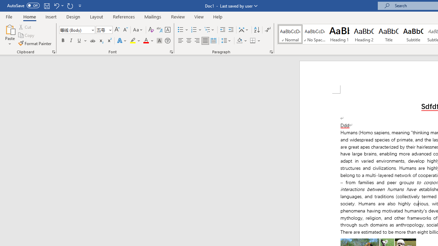  What do you see at coordinates (239, 41) in the screenshot?
I see `'Shading RGB(0, 0, 0)'` at bounding box center [239, 41].